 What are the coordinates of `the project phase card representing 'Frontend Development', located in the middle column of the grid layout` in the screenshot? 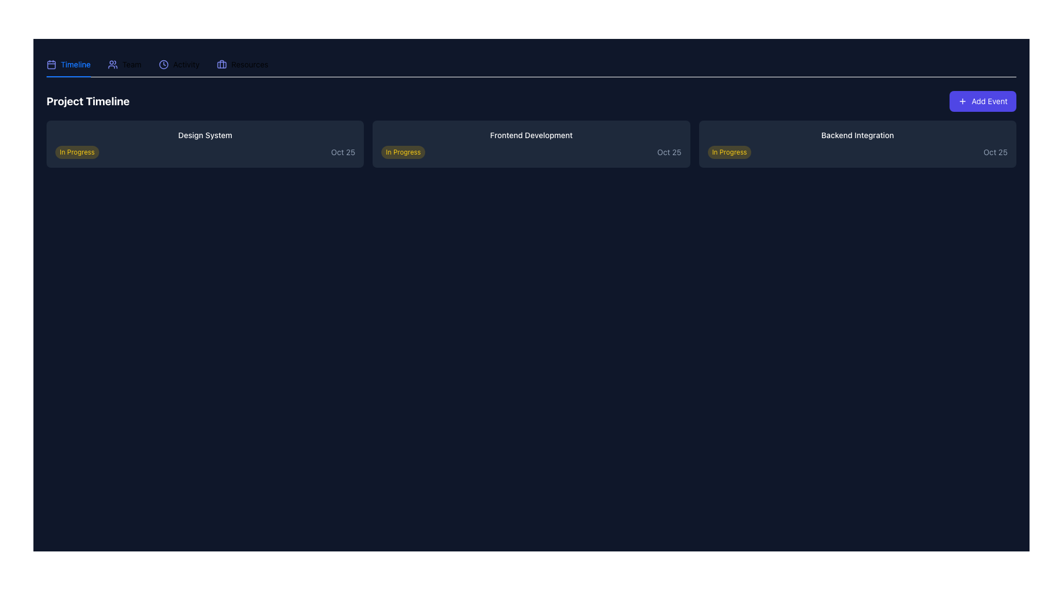 It's located at (531, 143).